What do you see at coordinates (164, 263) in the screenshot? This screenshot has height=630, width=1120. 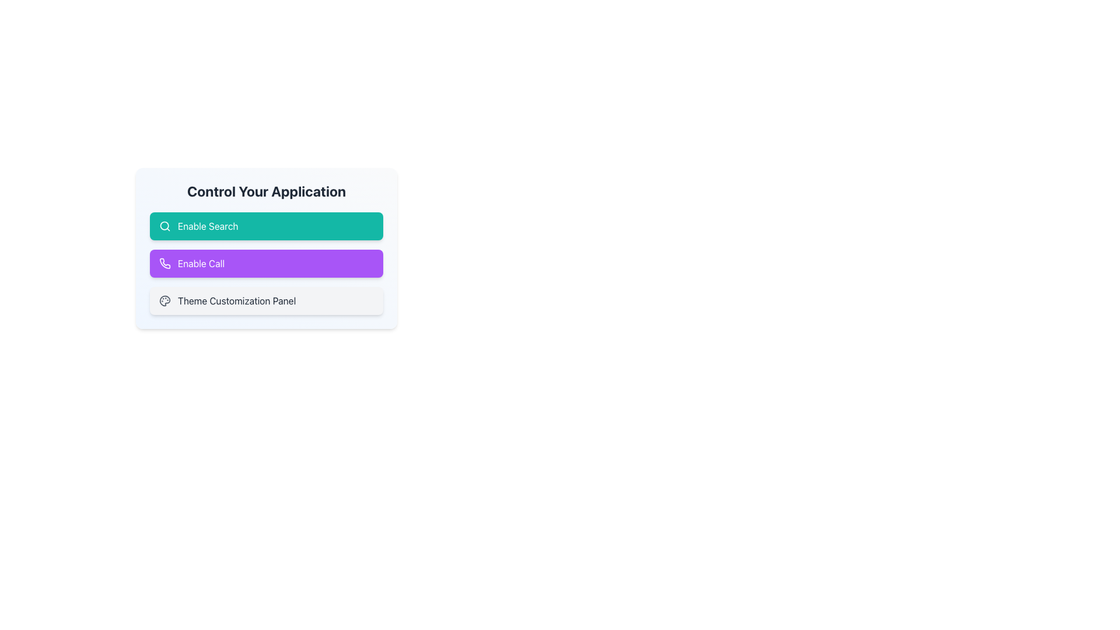 I see `the phone icon located inside the purple 'Enable Call' button` at bounding box center [164, 263].